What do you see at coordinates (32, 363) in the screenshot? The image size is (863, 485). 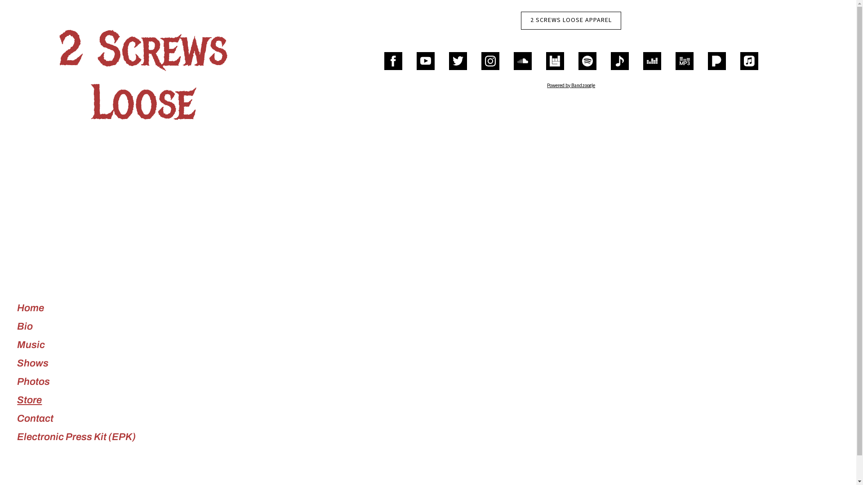 I see `'Shows'` at bounding box center [32, 363].